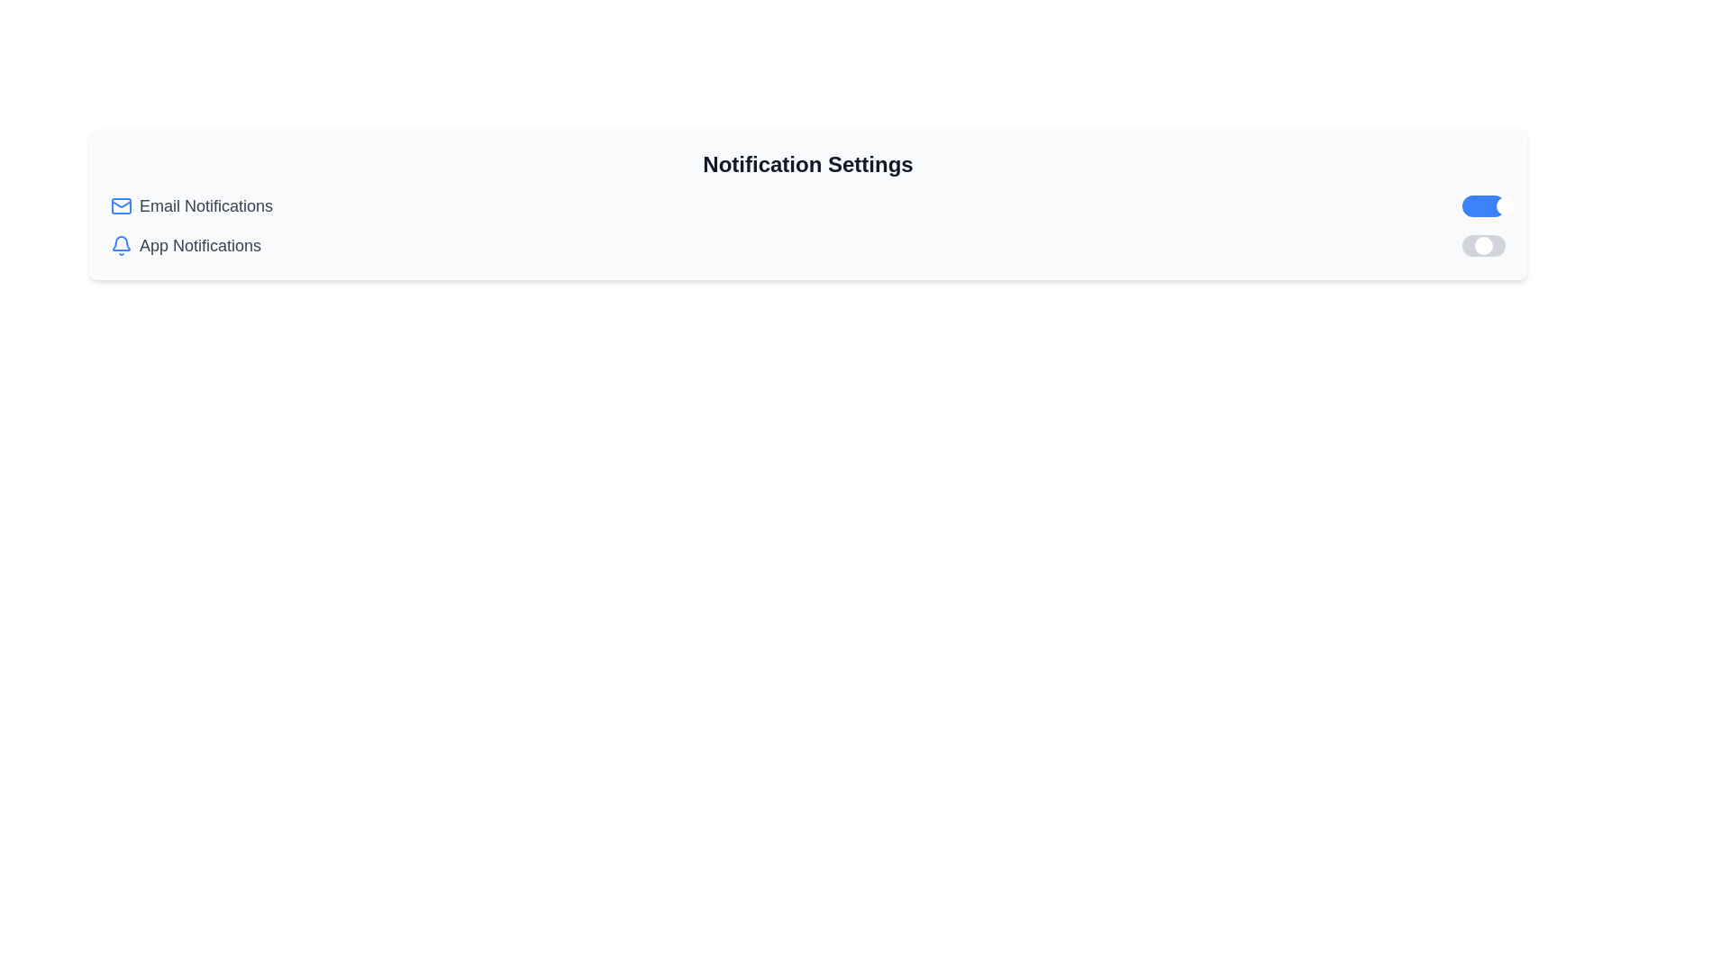 This screenshot has height=973, width=1730. Describe the element at coordinates (120, 205) in the screenshot. I see `the email notifications icon located to the left of the 'Email Notifications' text label by clicking on it` at that location.